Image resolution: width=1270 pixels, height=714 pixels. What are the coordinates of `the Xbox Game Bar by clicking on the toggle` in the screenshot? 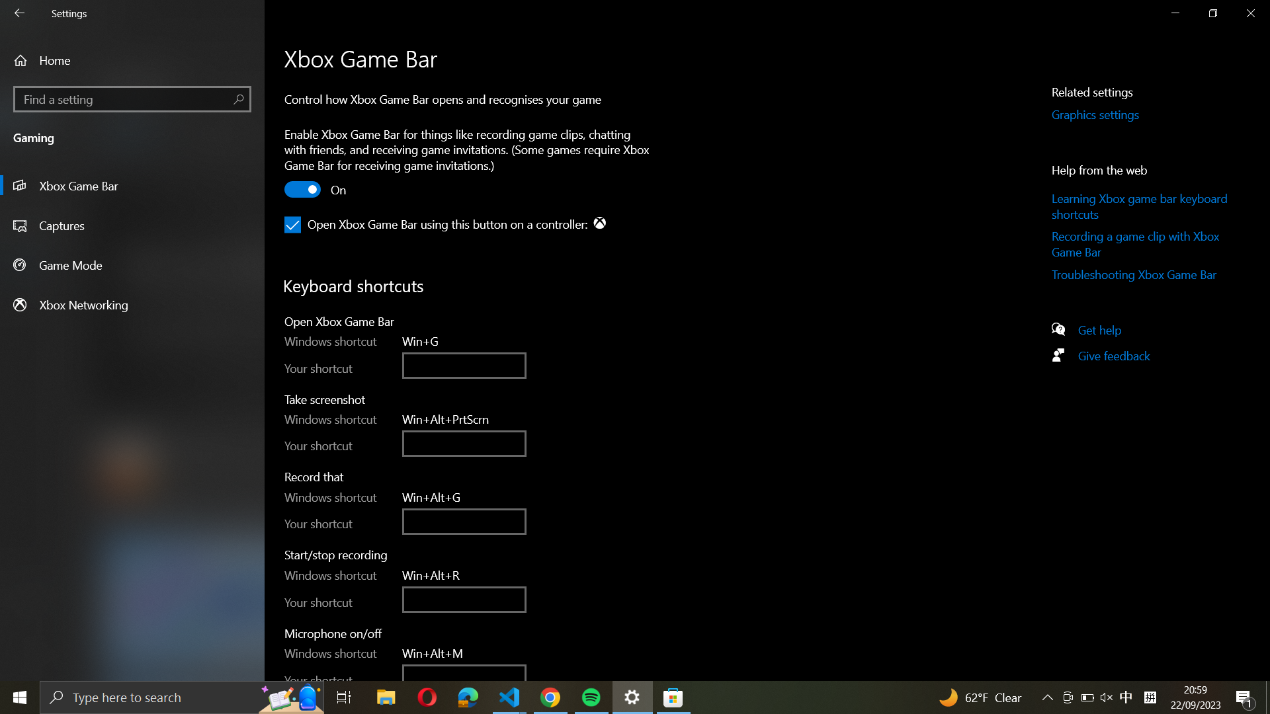 It's located at (303, 191).